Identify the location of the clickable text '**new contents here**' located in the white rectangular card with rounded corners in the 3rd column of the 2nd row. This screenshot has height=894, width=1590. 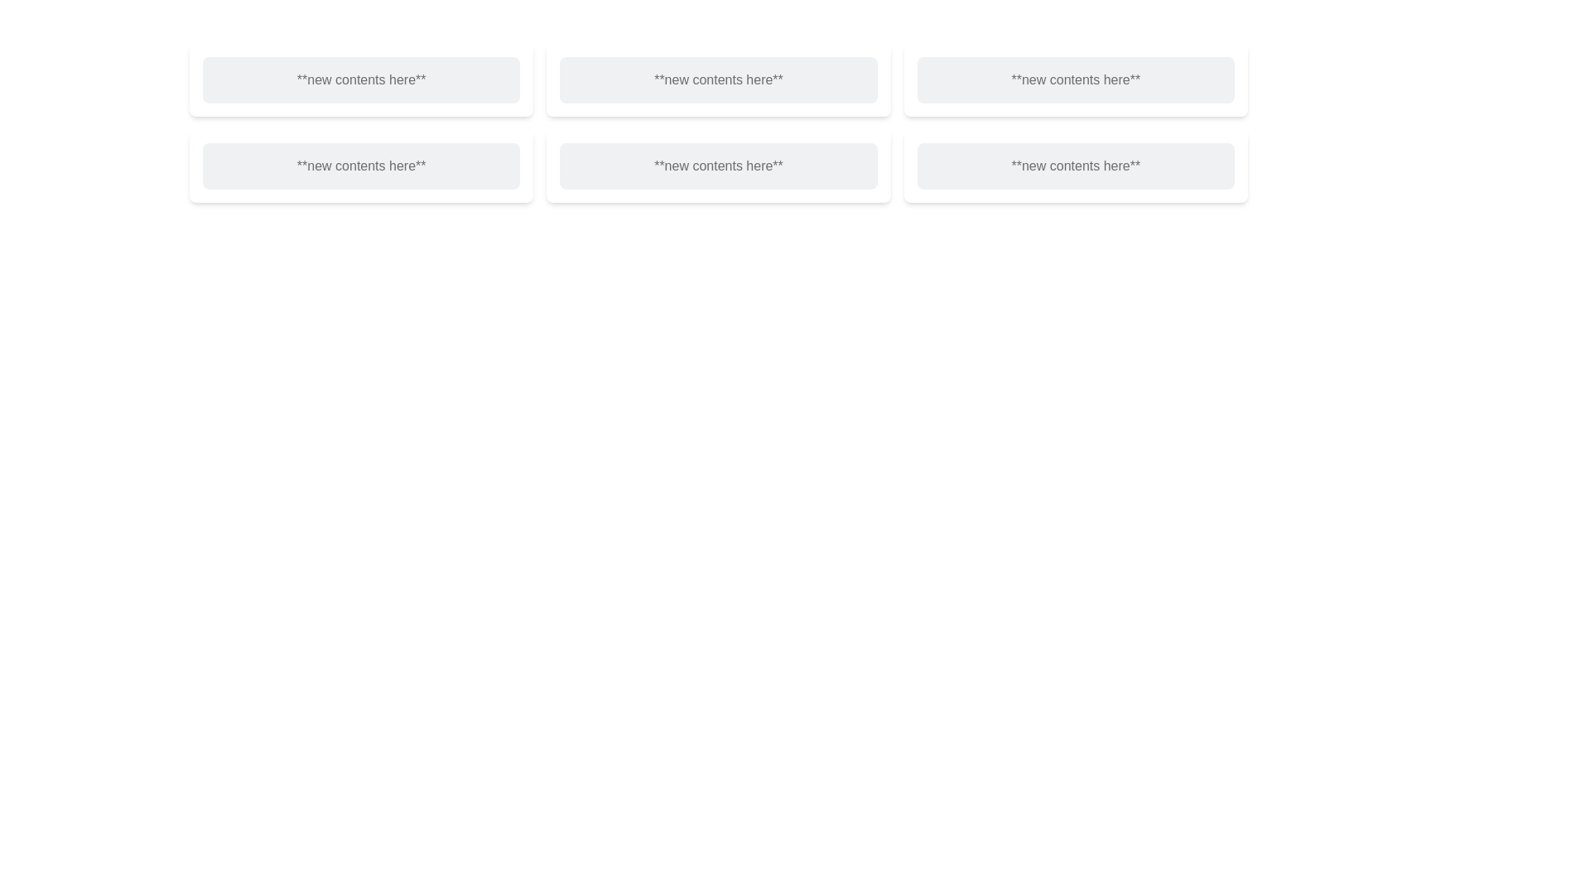
(719, 166).